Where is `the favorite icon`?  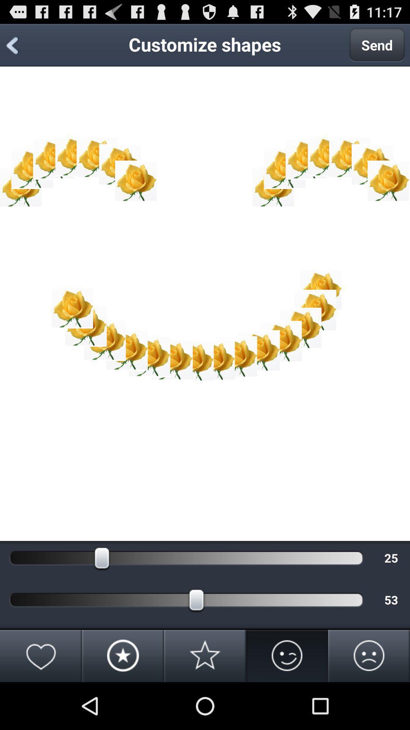
the favorite icon is located at coordinates (41, 701).